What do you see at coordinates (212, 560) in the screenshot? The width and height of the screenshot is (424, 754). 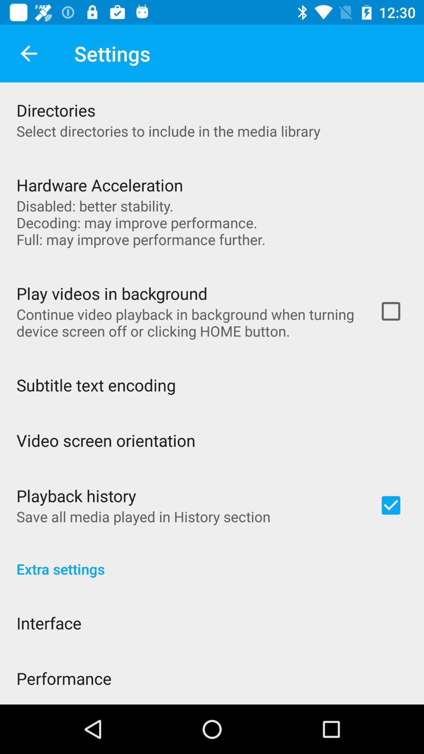 I see `the item below the save all media item` at bounding box center [212, 560].